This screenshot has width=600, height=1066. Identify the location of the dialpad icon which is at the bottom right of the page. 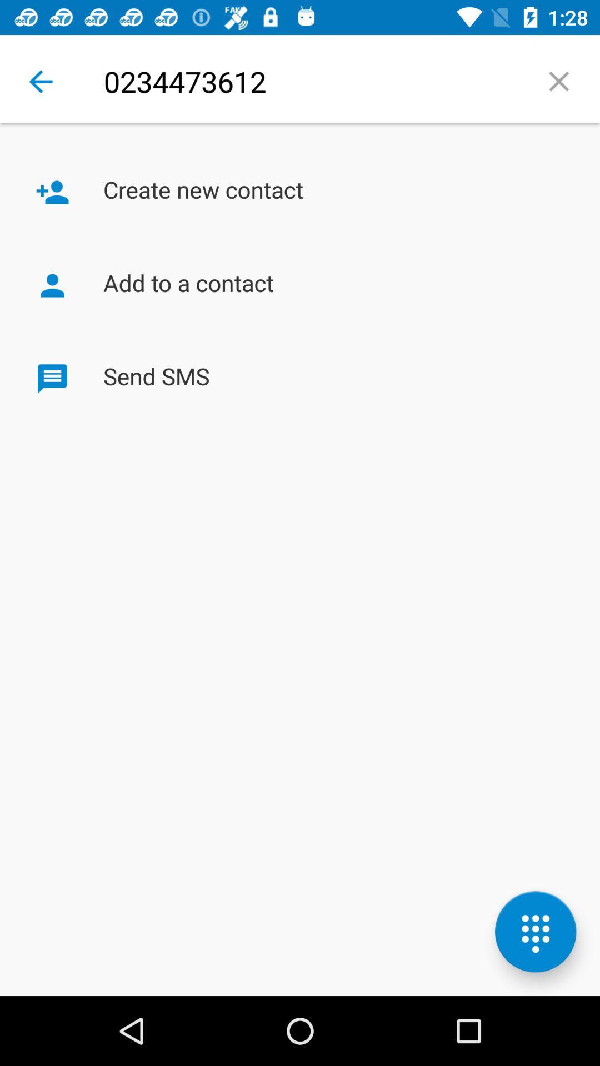
(535, 932).